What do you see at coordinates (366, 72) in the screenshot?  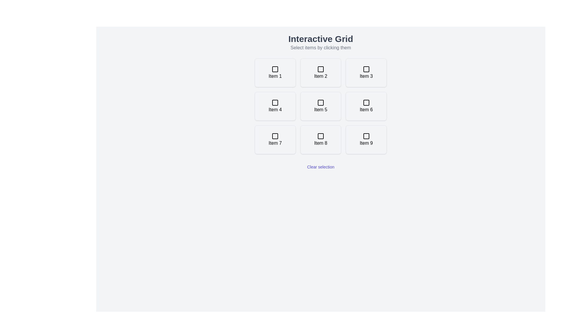 I see `the rectangular button labeled 'Item 3' to trigger its hover effects` at bounding box center [366, 72].